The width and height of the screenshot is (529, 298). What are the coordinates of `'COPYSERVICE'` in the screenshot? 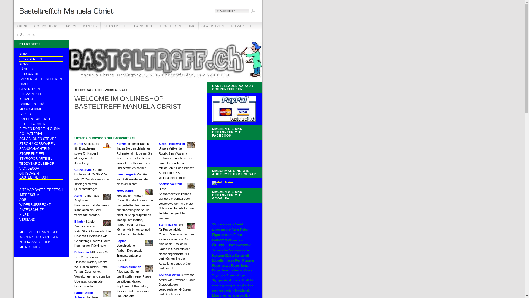 It's located at (41, 59).